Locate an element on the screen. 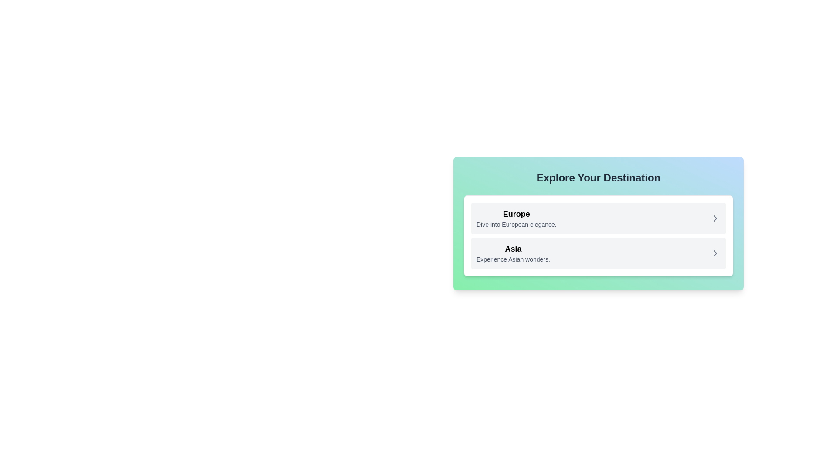 This screenshot has height=471, width=837. the gray chevron icon indicating a rightward direction located on the right edge of the 'Asia' list item in the 'Explore Your Destination' section is located at coordinates (715, 253).